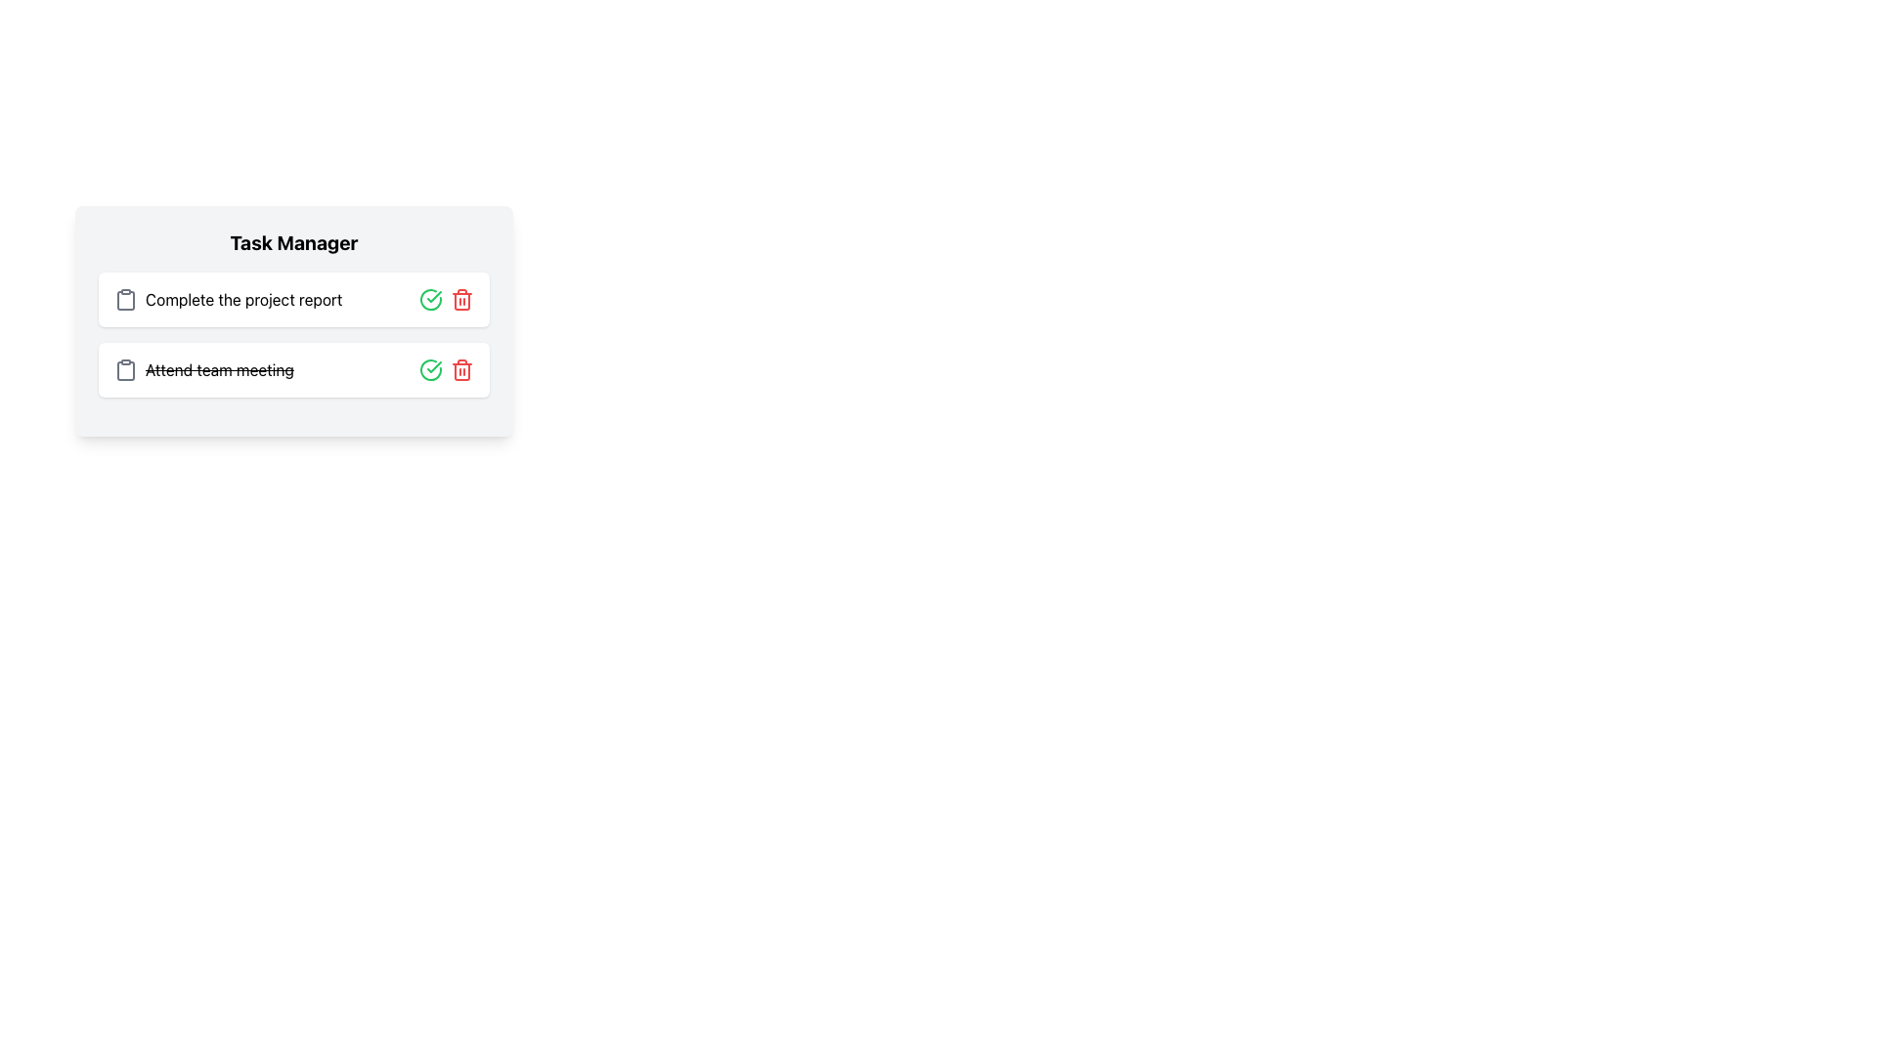  What do you see at coordinates (461, 369) in the screenshot?
I see `the delete button associated with the task 'Attend team meeting' for keyboard navigation` at bounding box center [461, 369].